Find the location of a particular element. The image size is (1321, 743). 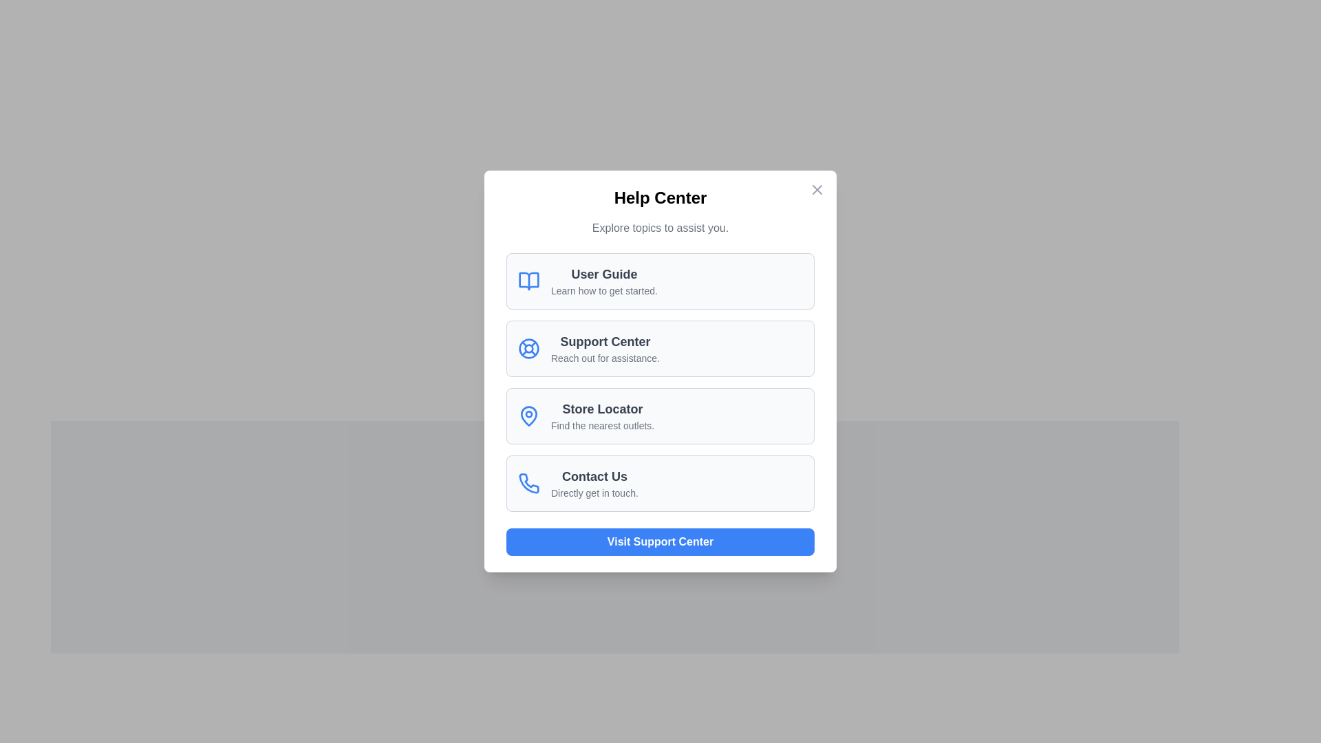

the text label that says 'Reach out for assistance.' located below the 'Support Center' heading in the second option group of the menu is located at coordinates (605, 357).